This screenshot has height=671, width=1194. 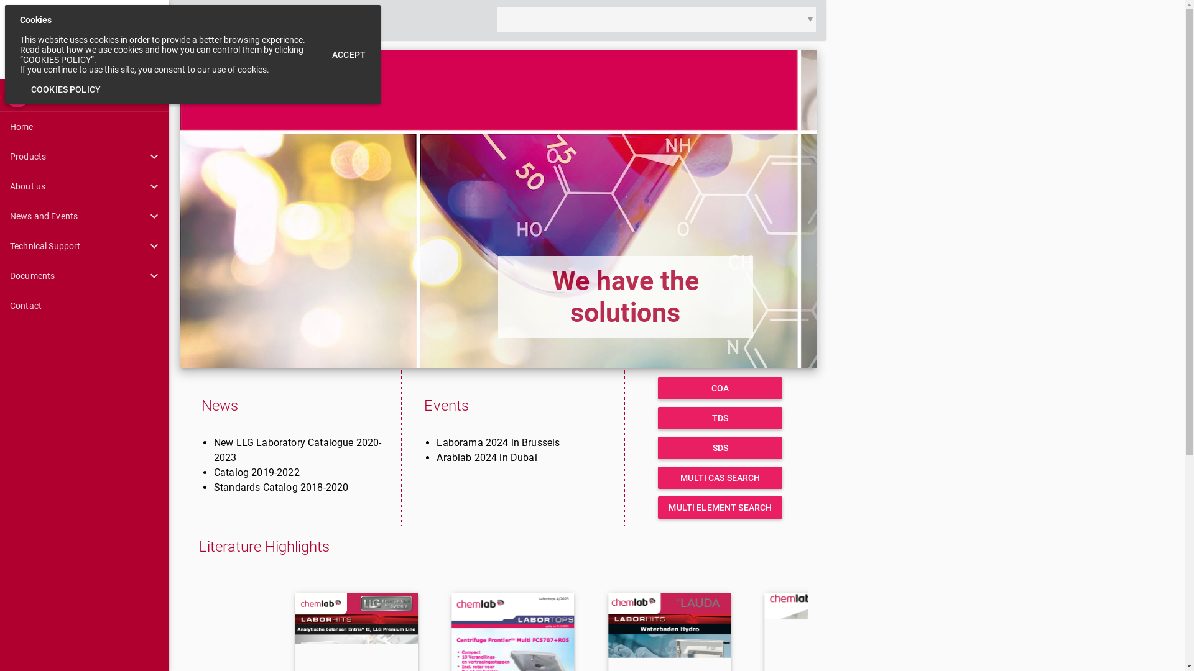 What do you see at coordinates (720, 508) in the screenshot?
I see `'MULTI ELEMENT SEARCH'` at bounding box center [720, 508].